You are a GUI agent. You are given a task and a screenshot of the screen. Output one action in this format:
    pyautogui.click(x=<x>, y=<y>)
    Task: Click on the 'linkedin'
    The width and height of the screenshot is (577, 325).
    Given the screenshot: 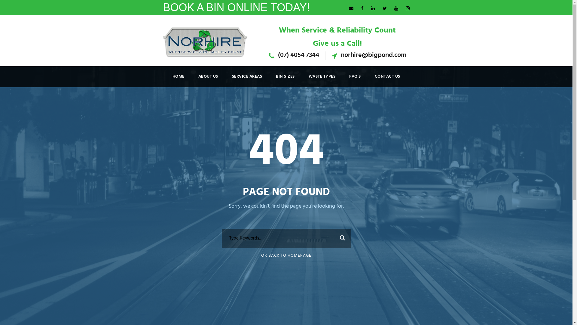 What is the action you would take?
    pyautogui.click(x=370, y=9)
    